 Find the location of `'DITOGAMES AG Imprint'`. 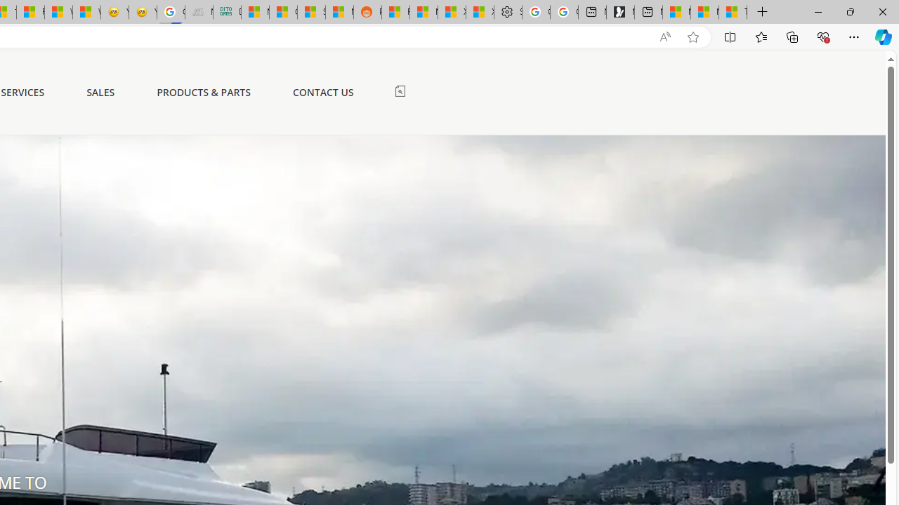

'DITOGAMES AG Imprint' is located at coordinates (227, 12).